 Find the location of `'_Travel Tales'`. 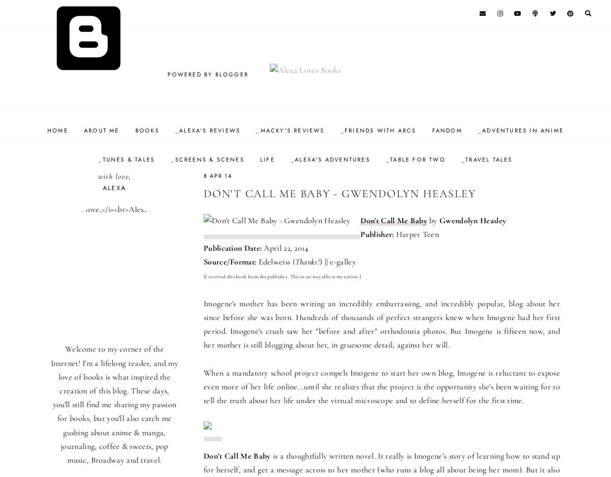

'_Travel Tales' is located at coordinates (487, 159).